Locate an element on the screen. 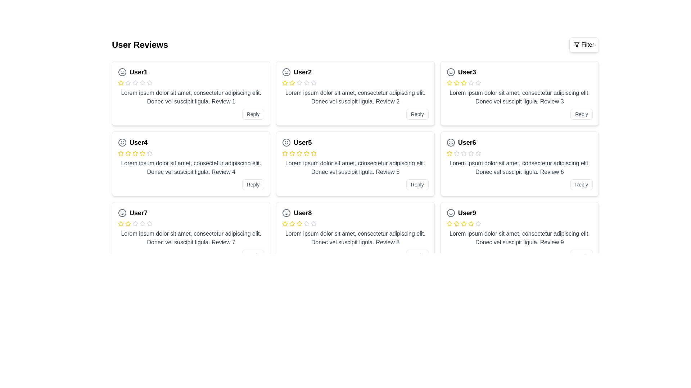  the first star icon in the rating system for User1's review, which has a gray outline is located at coordinates (128, 82).